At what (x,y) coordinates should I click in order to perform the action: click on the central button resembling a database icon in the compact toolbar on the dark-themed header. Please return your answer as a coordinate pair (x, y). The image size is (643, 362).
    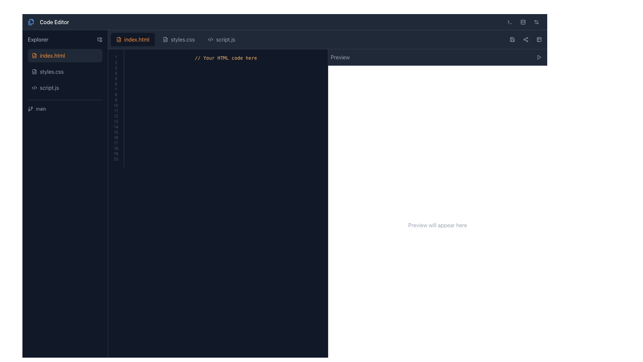
    Looking at the image, I should click on (522, 21).